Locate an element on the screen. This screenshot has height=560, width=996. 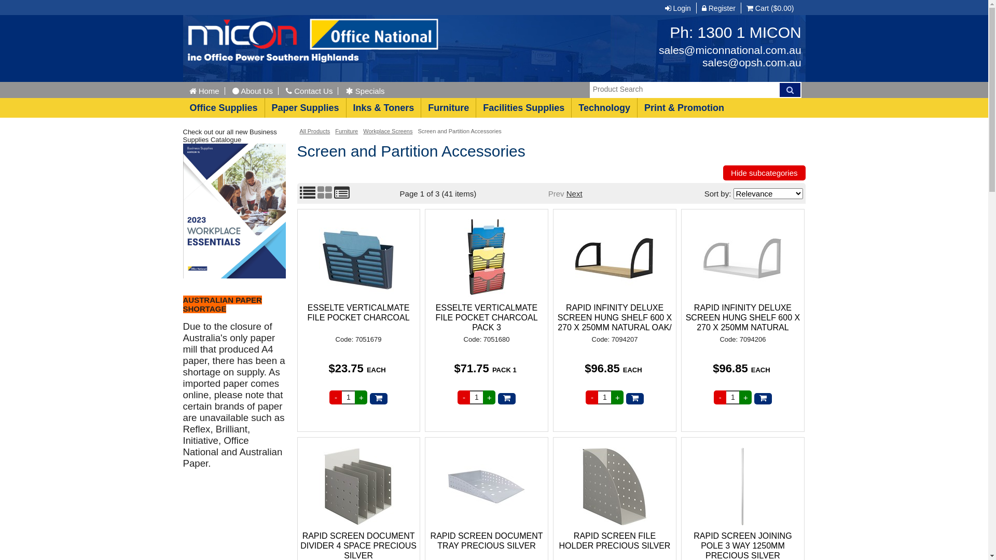
'Increase quantity' is located at coordinates (744, 397).